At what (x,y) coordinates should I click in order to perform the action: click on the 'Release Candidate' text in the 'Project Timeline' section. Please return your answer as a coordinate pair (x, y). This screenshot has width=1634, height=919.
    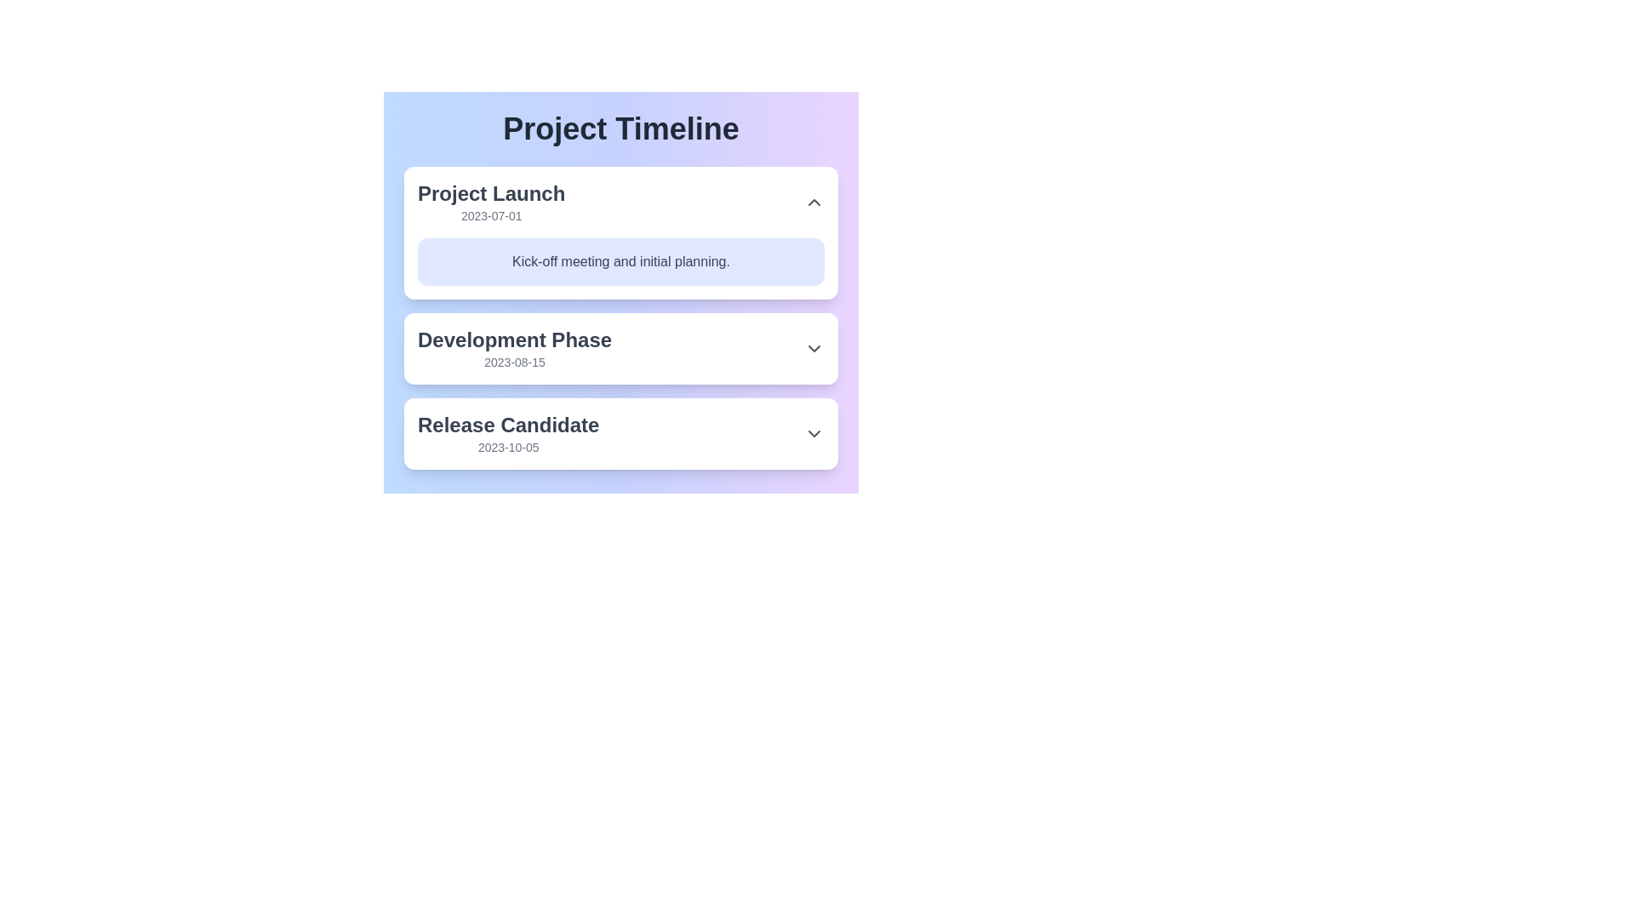
    Looking at the image, I should click on (507, 432).